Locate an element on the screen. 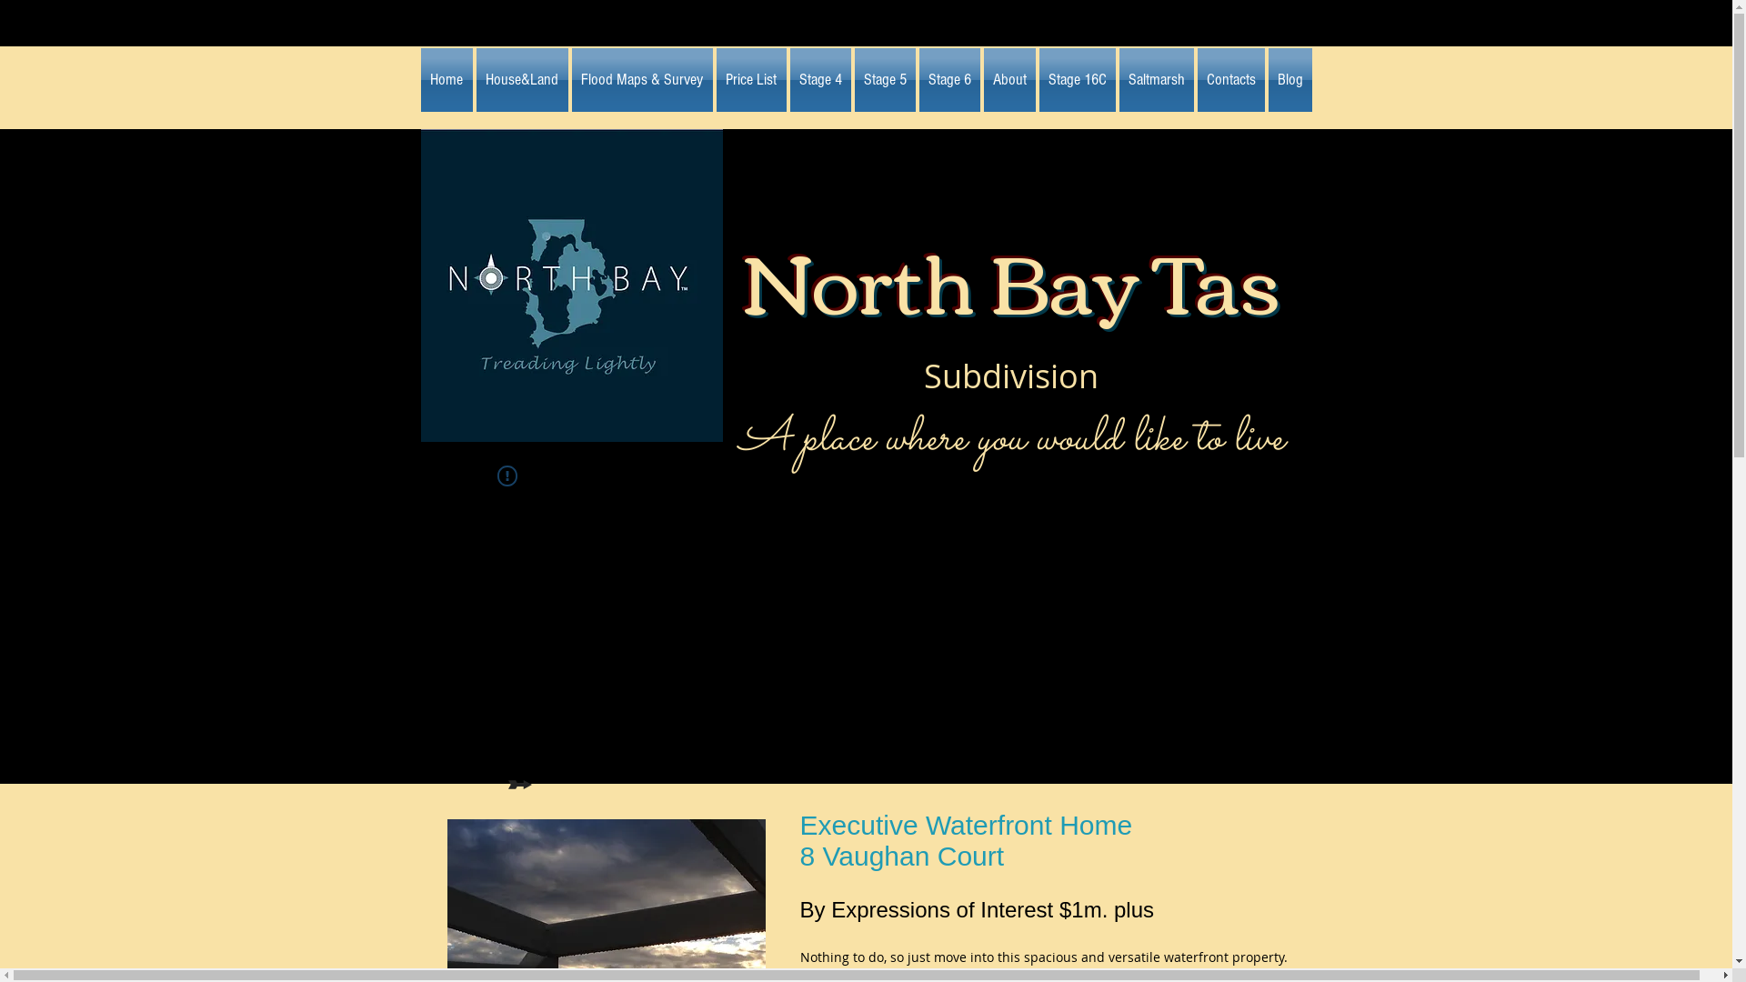 Image resolution: width=1746 pixels, height=982 pixels. 'Contacts' is located at coordinates (1195, 79).